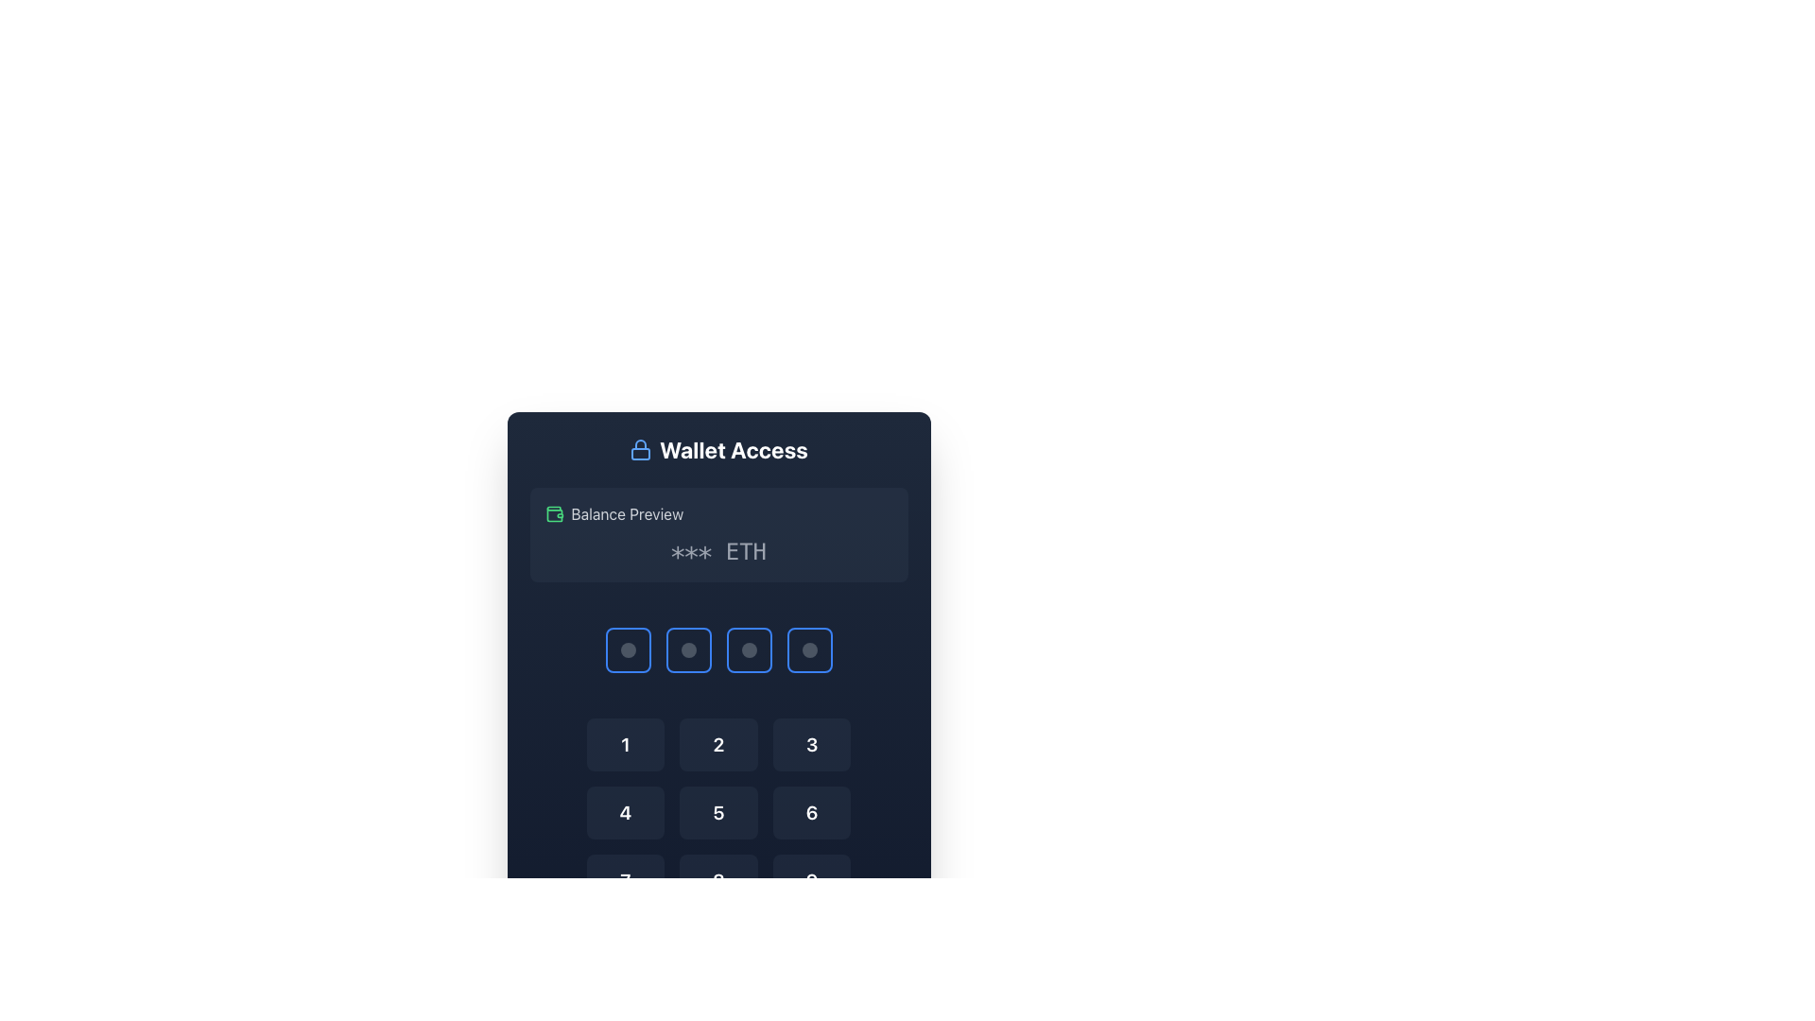 This screenshot has height=1021, width=1815. What do you see at coordinates (625, 948) in the screenshot?
I see `the empty or inactive button located at the bottom-left corner of the keypad interface, which is the tenth element in a grid of 12 elements` at bounding box center [625, 948].